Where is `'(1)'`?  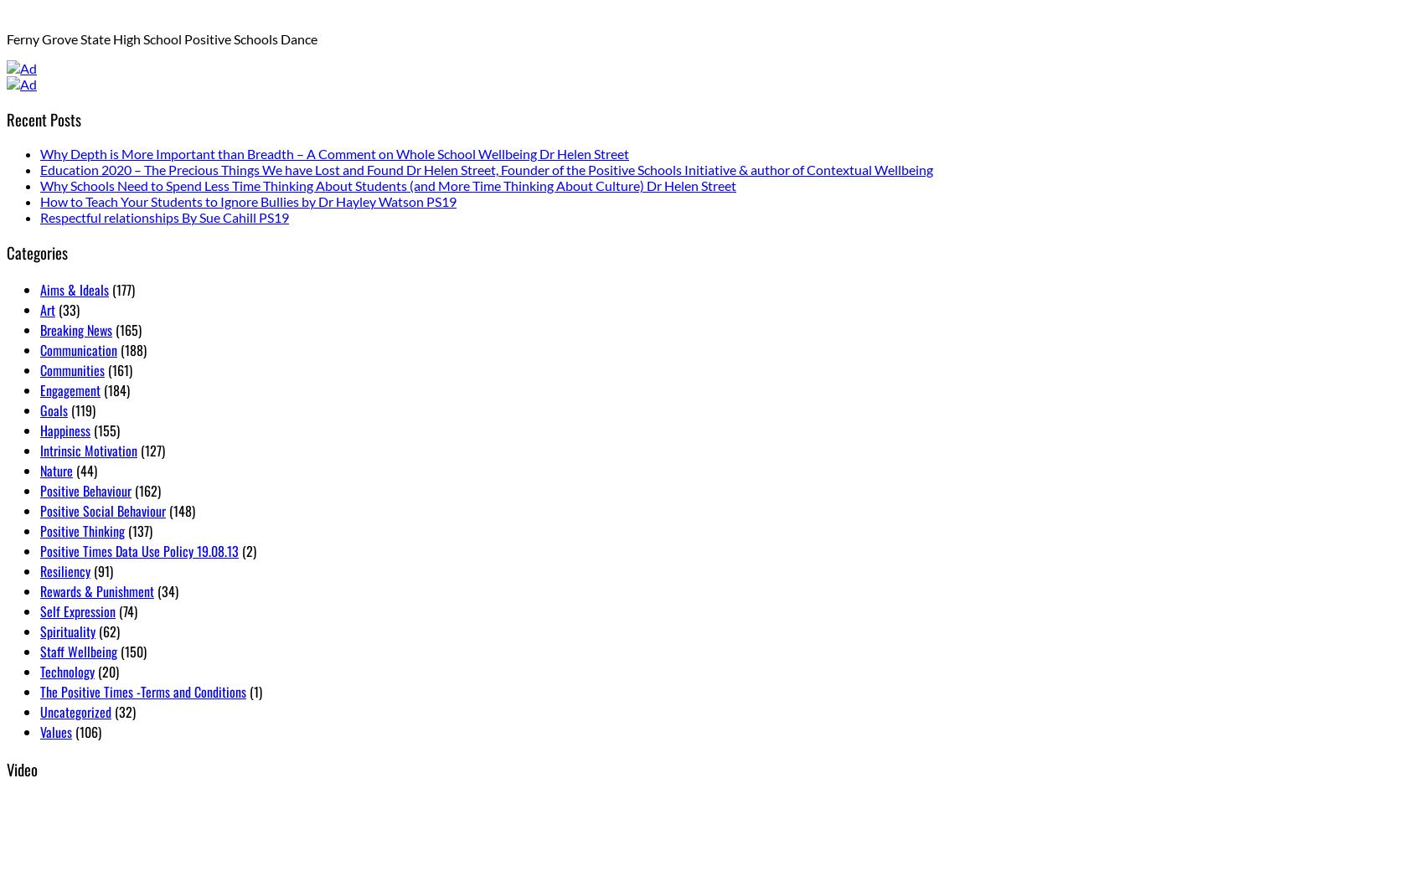 '(1)' is located at coordinates (245, 690).